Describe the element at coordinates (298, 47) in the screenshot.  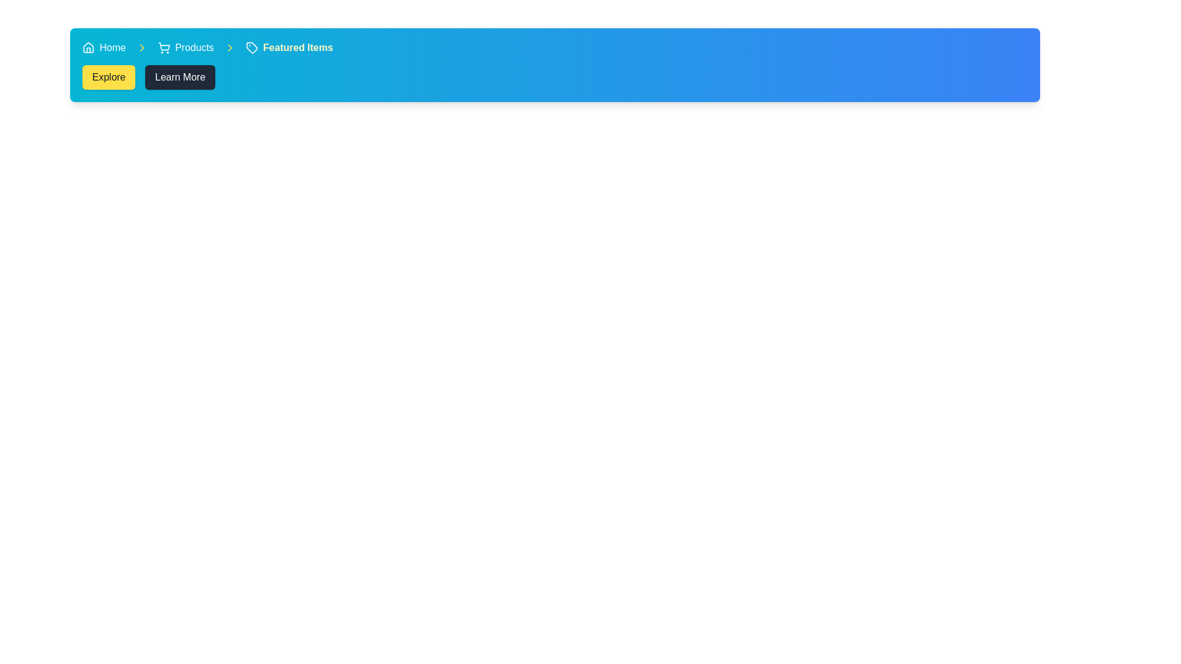
I see `the 'Featured Items' text label, which is a bold, yellow font with a slight glow on the blue navigation bar, located towards the right-hand side of the top navigation bar` at that location.